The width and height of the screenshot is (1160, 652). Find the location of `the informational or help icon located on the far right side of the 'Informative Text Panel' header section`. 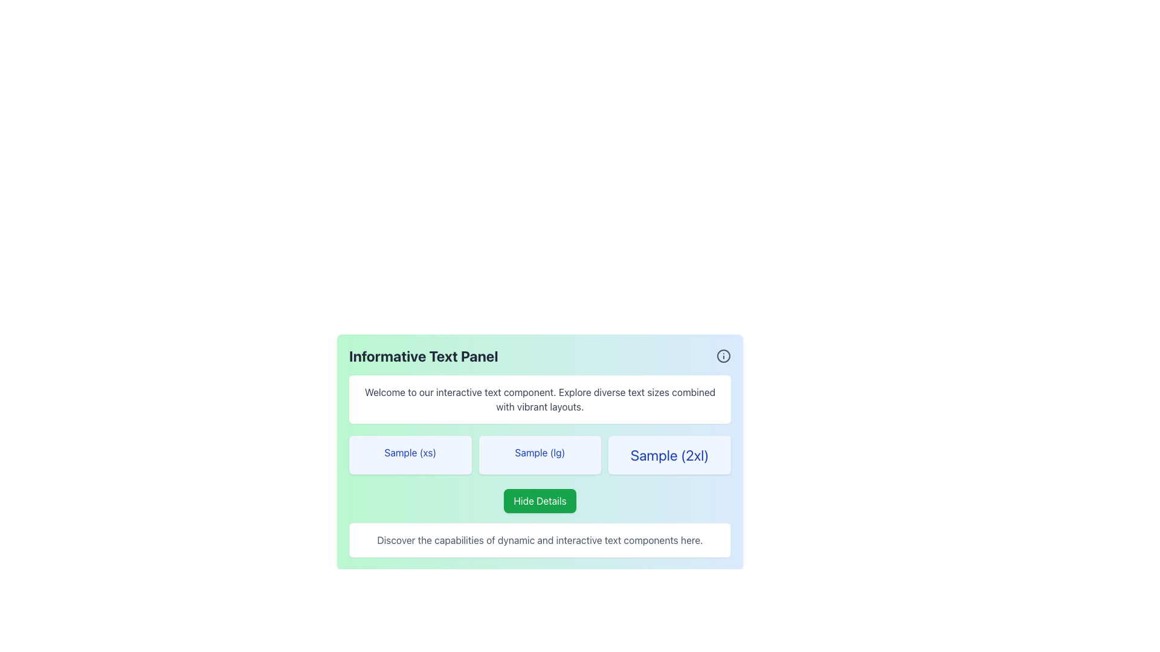

the informational or help icon located on the far right side of the 'Informative Text Panel' header section is located at coordinates (724, 356).